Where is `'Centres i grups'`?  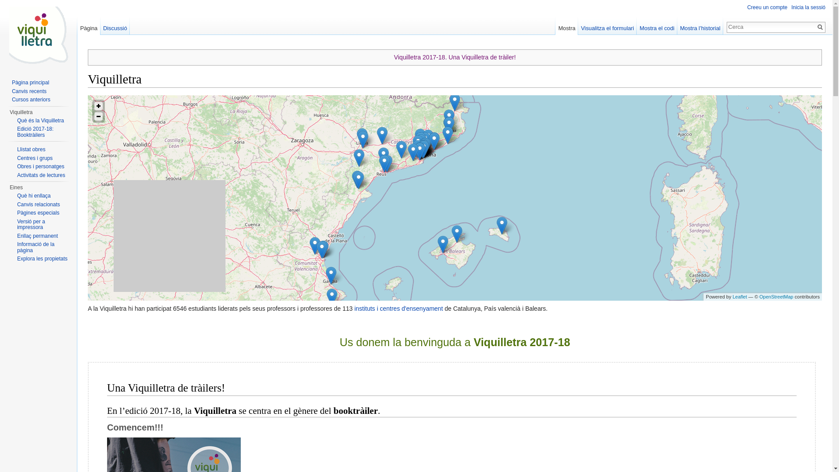 'Centres i grups' is located at coordinates (35, 158).